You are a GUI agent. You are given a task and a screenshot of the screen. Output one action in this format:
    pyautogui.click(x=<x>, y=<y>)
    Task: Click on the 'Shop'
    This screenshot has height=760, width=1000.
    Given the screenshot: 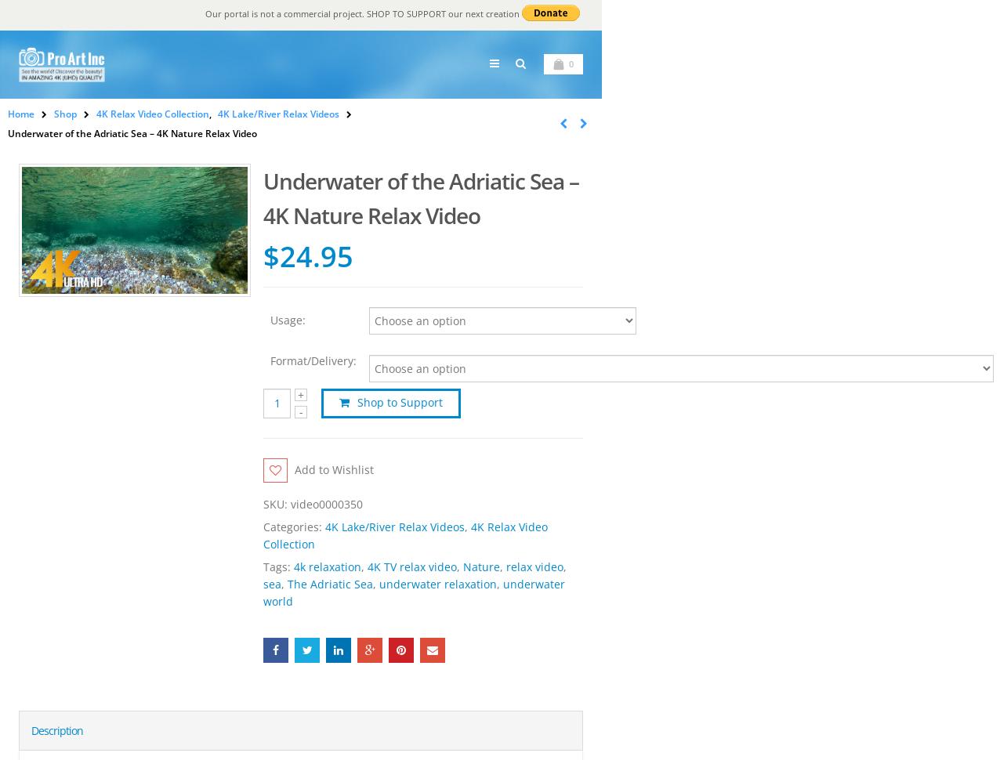 What is the action you would take?
    pyautogui.click(x=64, y=113)
    